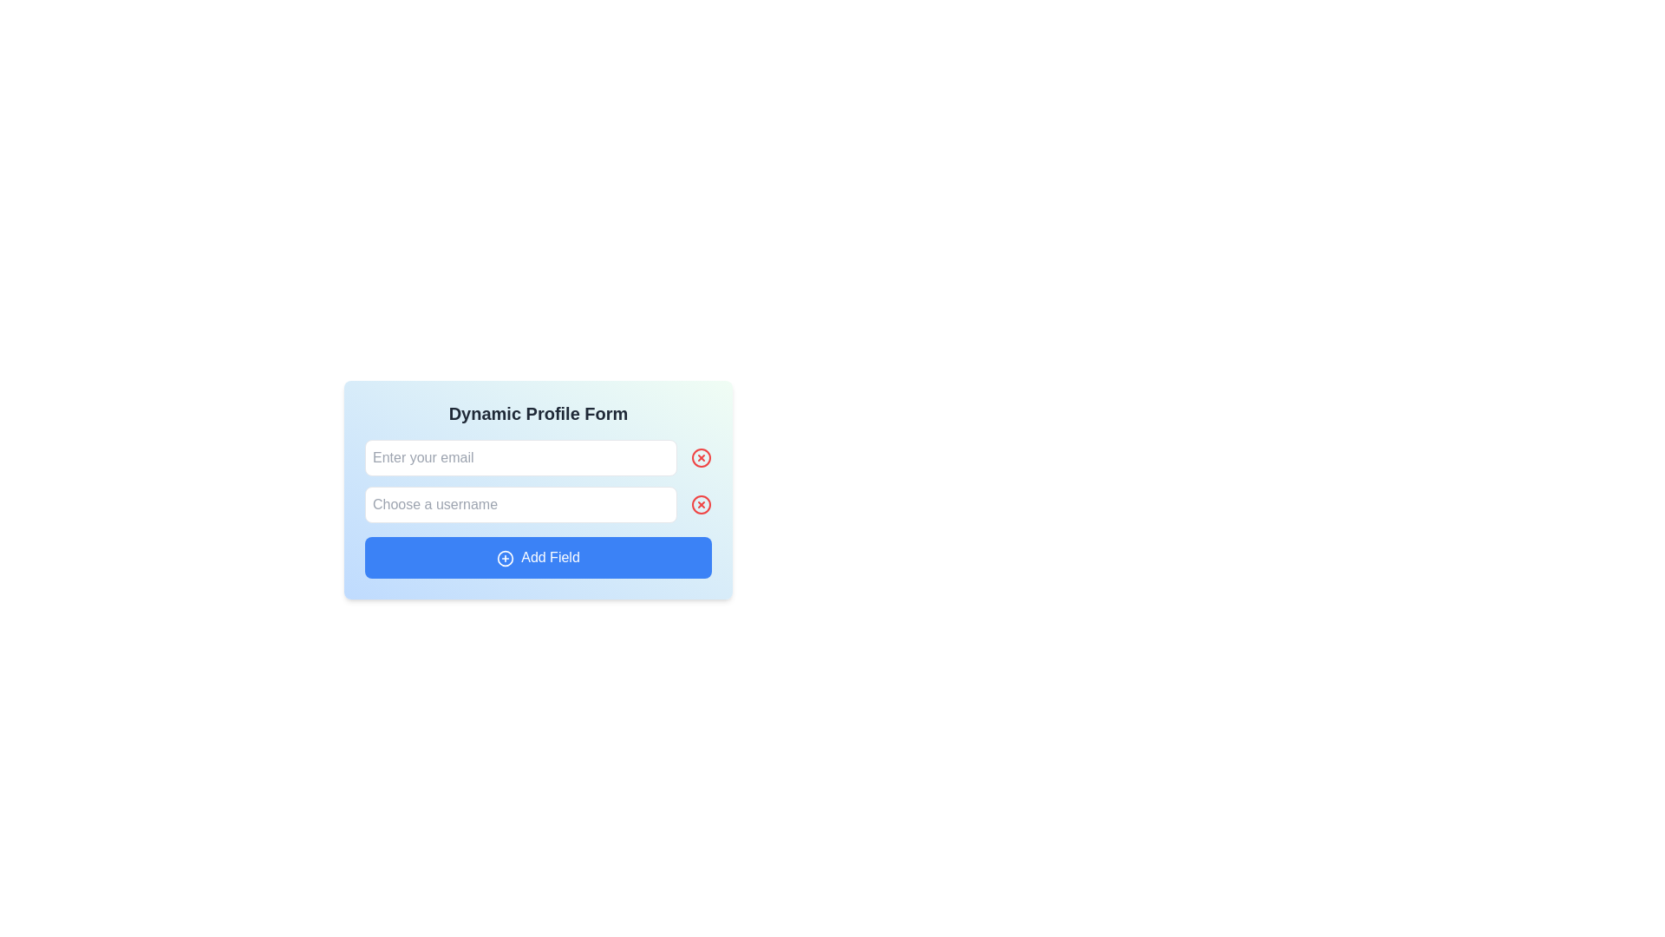 This screenshot has width=1665, height=937. I want to click on the clear or delete button located at the top-right corner of the form component, adjacent to the email input field, to reset the entered data, so click(702, 457).